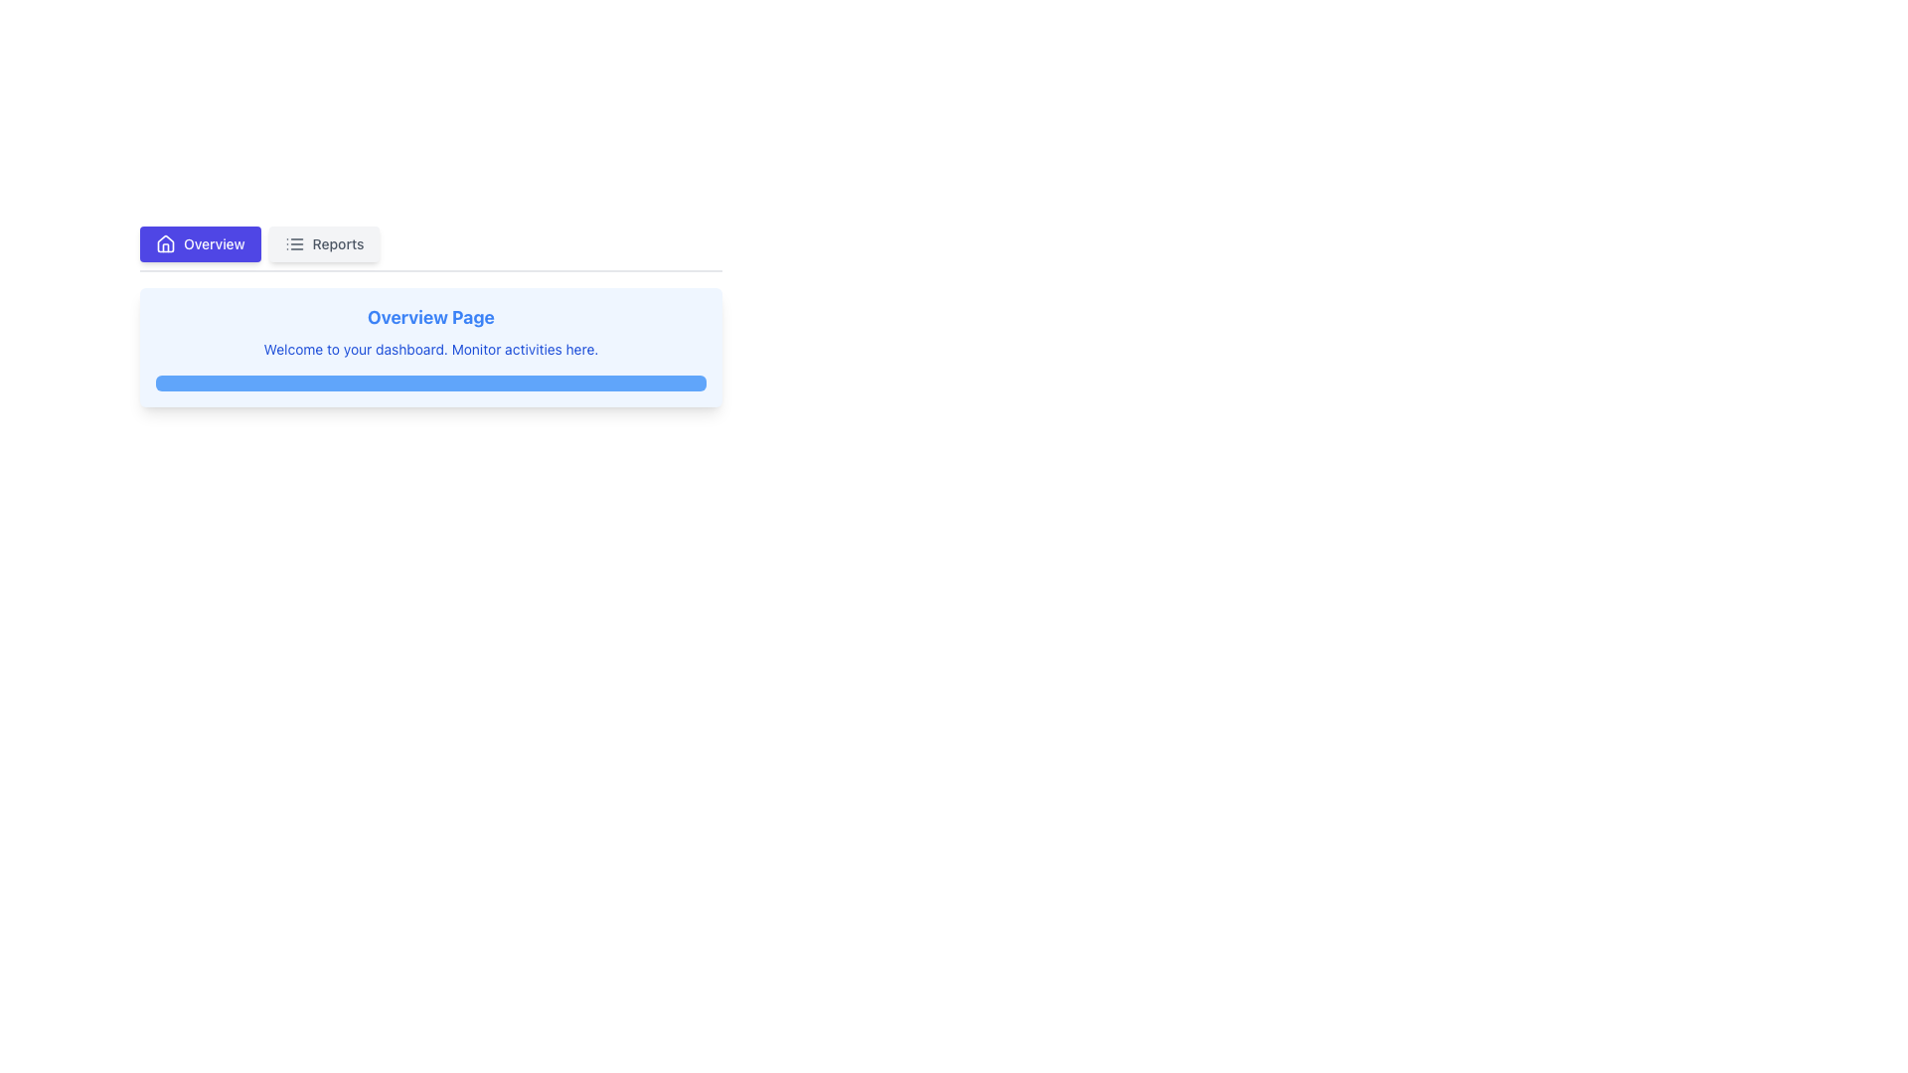 This screenshot has width=1908, height=1073. Describe the element at coordinates (214, 243) in the screenshot. I see `the text label 'Overview', which is styled in white sans-serif font and positioned against a purple background, located in the navigation bar next to a house icon` at that location.